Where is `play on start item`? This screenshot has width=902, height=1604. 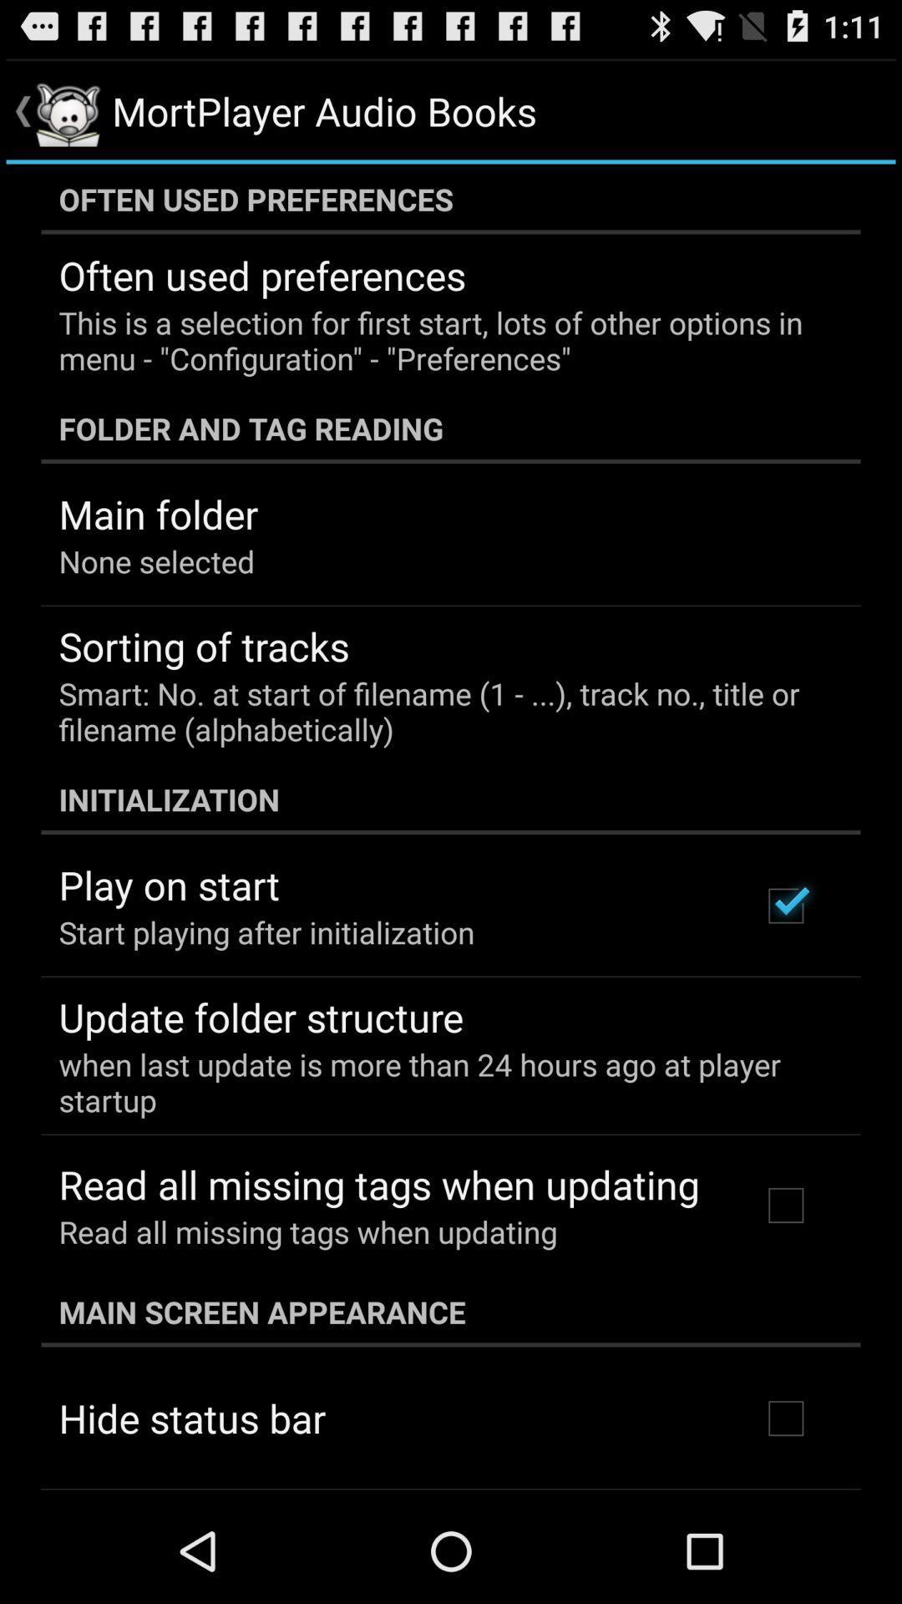
play on start item is located at coordinates (169, 884).